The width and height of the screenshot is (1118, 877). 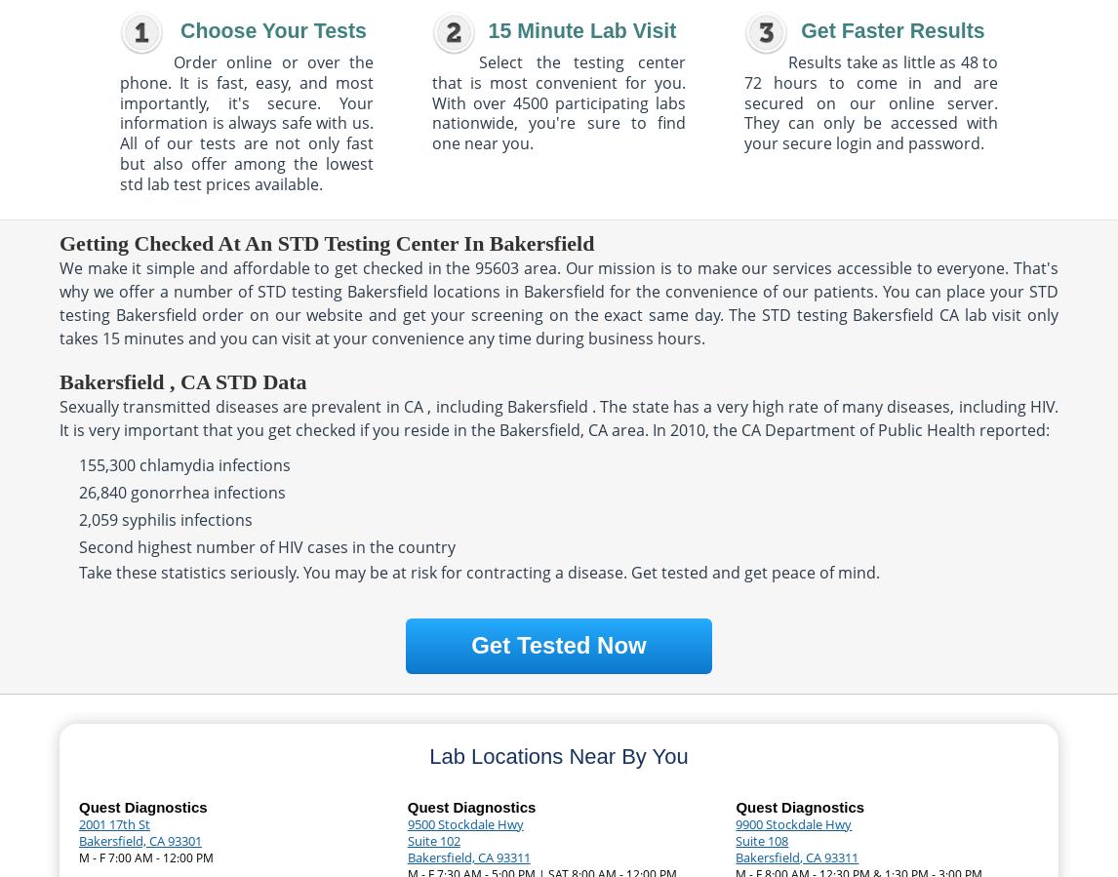 I want to click on 'Results take as little as 48 to 72 hours to come in and are secured on our online server. They can only be accessed with your secure login and password.', so click(x=869, y=101).